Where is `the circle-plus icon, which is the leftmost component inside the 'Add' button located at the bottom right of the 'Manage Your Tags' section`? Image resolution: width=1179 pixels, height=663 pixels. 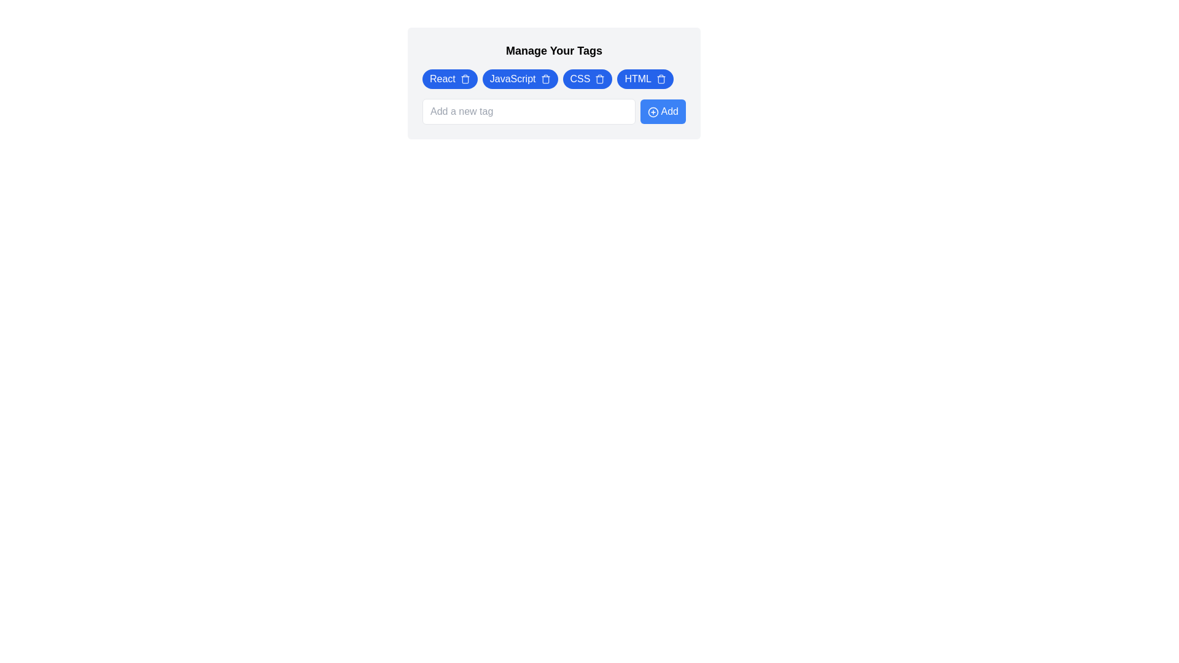
the circle-plus icon, which is the leftmost component inside the 'Add' button located at the bottom right of the 'Manage Your Tags' section is located at coordinates (653, 112).